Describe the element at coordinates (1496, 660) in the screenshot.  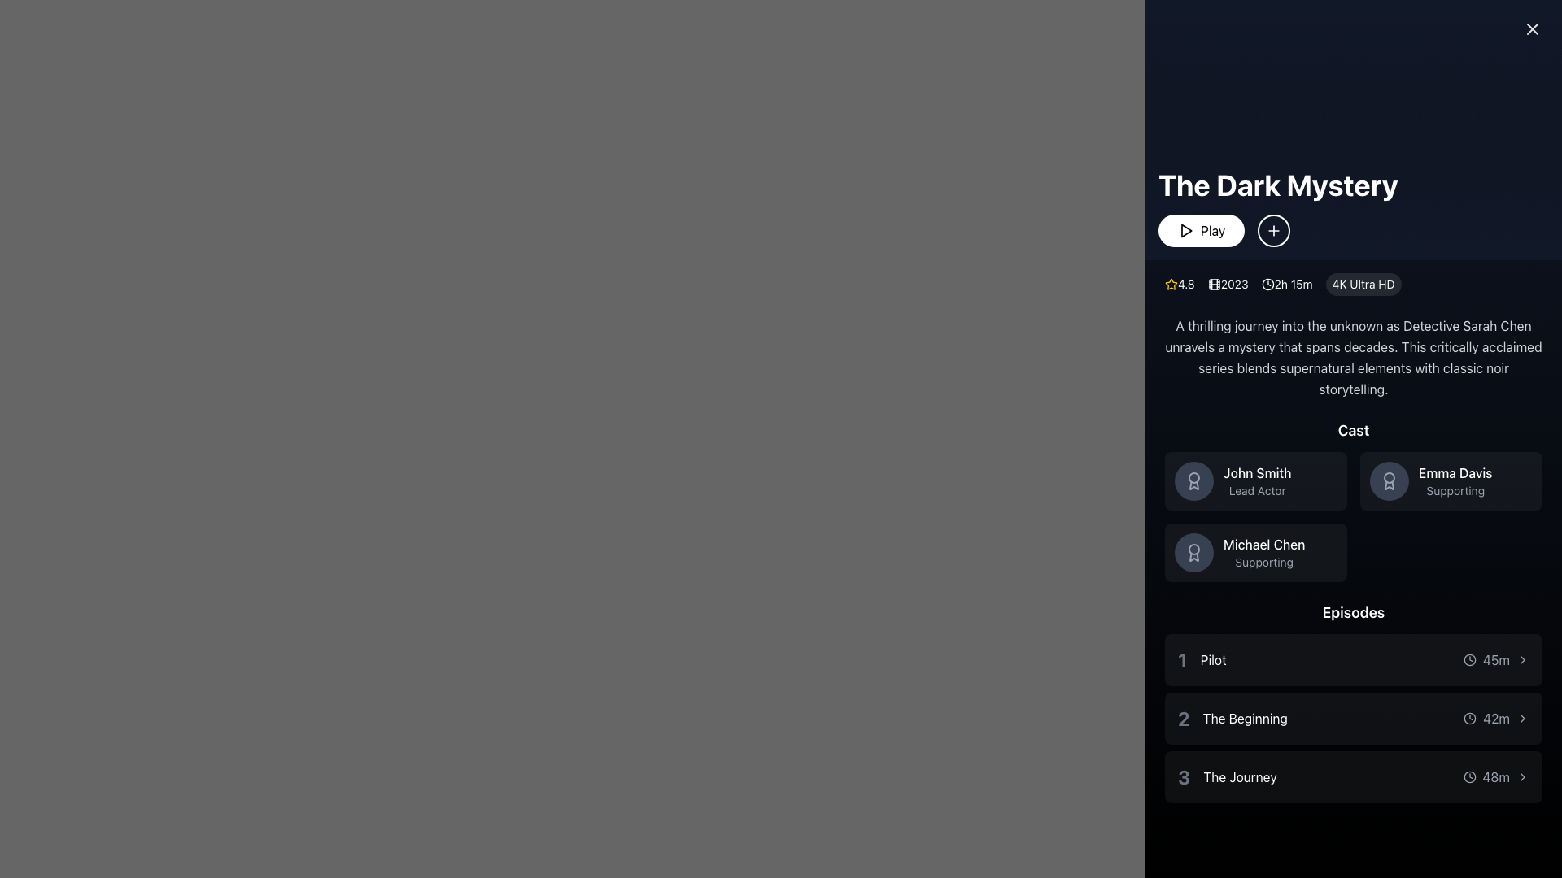
I see `the static text label indicating a time duration of 45 minutes, located to the right of the episode title 'Pilot' in the first row of the 'Episodes' list` at that location.